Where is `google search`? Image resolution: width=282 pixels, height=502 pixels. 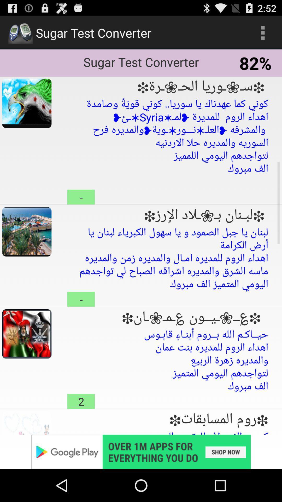 google search is located at coordinates (141, 452).